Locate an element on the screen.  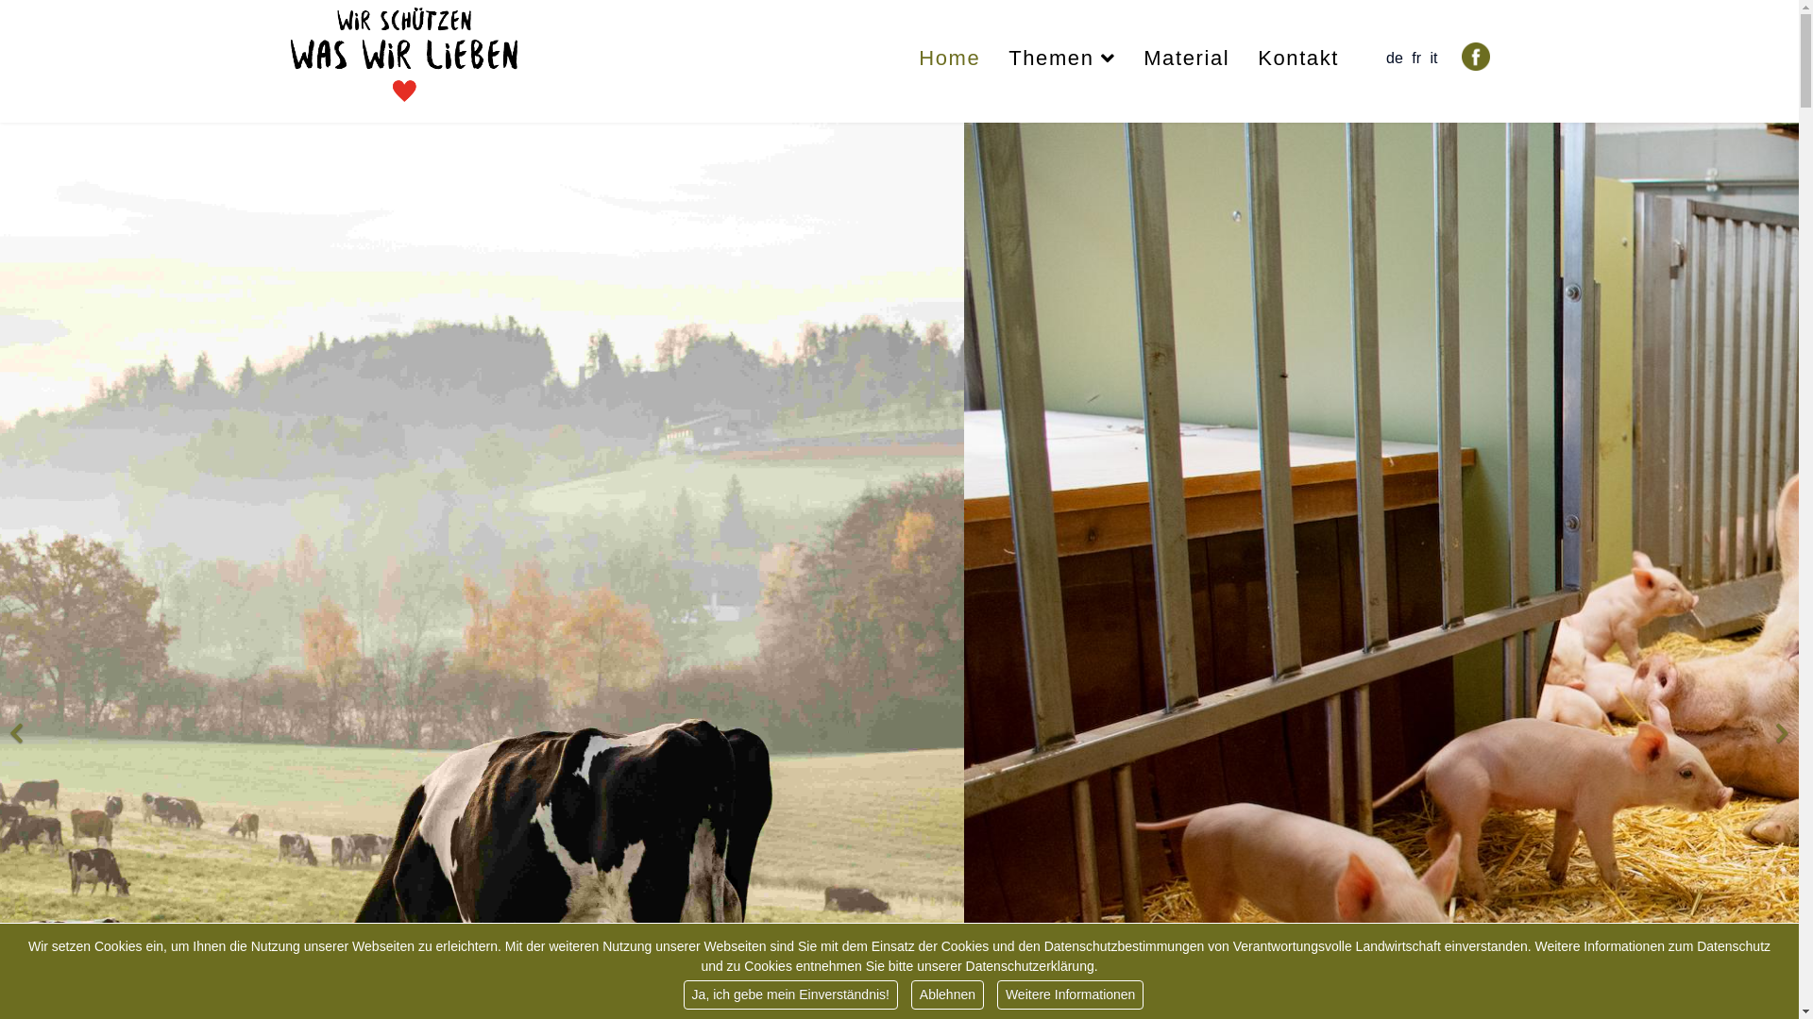
'Home' is located at coordinates (949, 57).